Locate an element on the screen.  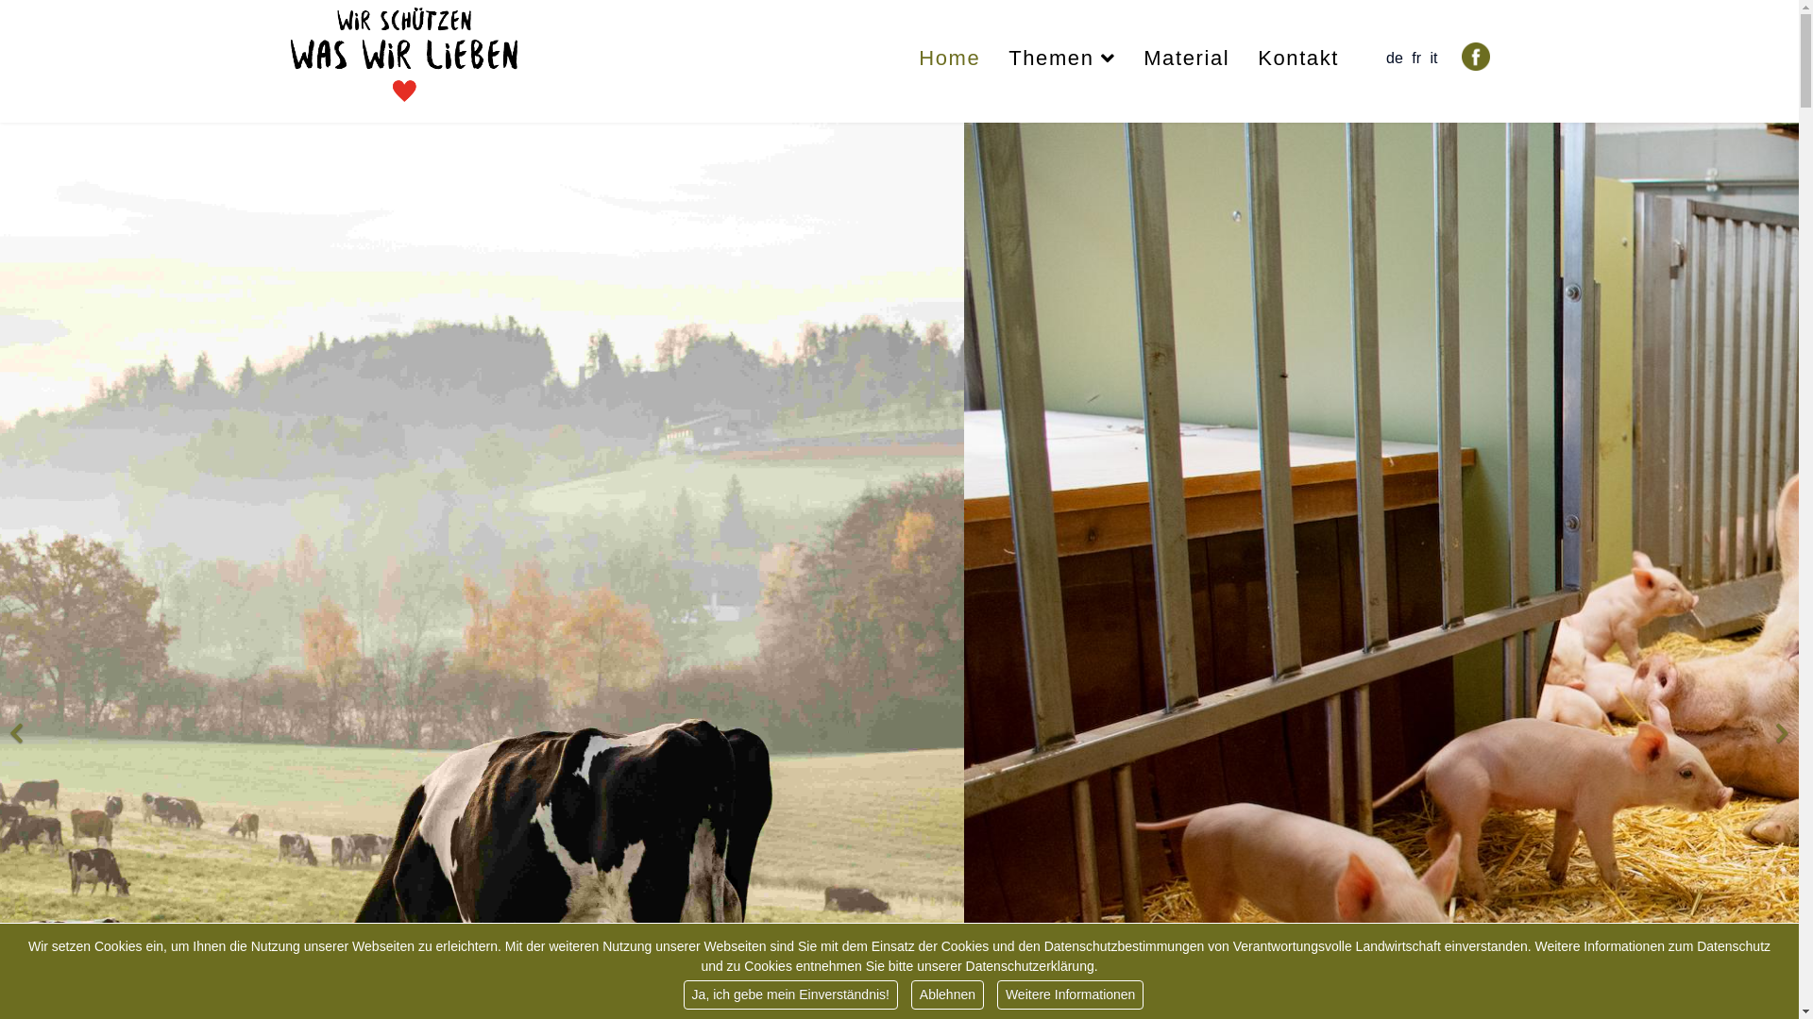
'Home' is located at coordinates (949, 57).